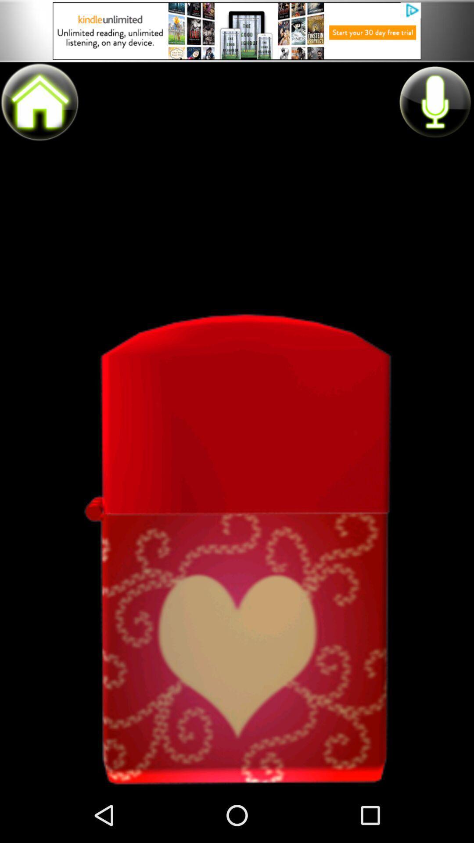  I want to click on record, so click(434, 101).